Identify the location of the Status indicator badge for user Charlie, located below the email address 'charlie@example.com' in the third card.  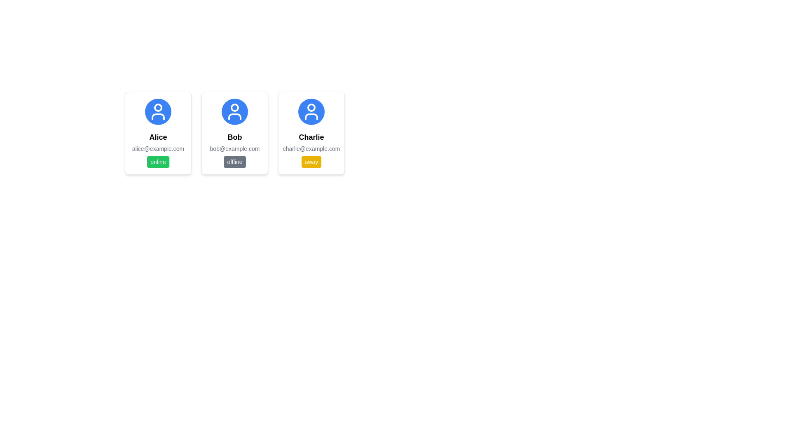
(311, 162).